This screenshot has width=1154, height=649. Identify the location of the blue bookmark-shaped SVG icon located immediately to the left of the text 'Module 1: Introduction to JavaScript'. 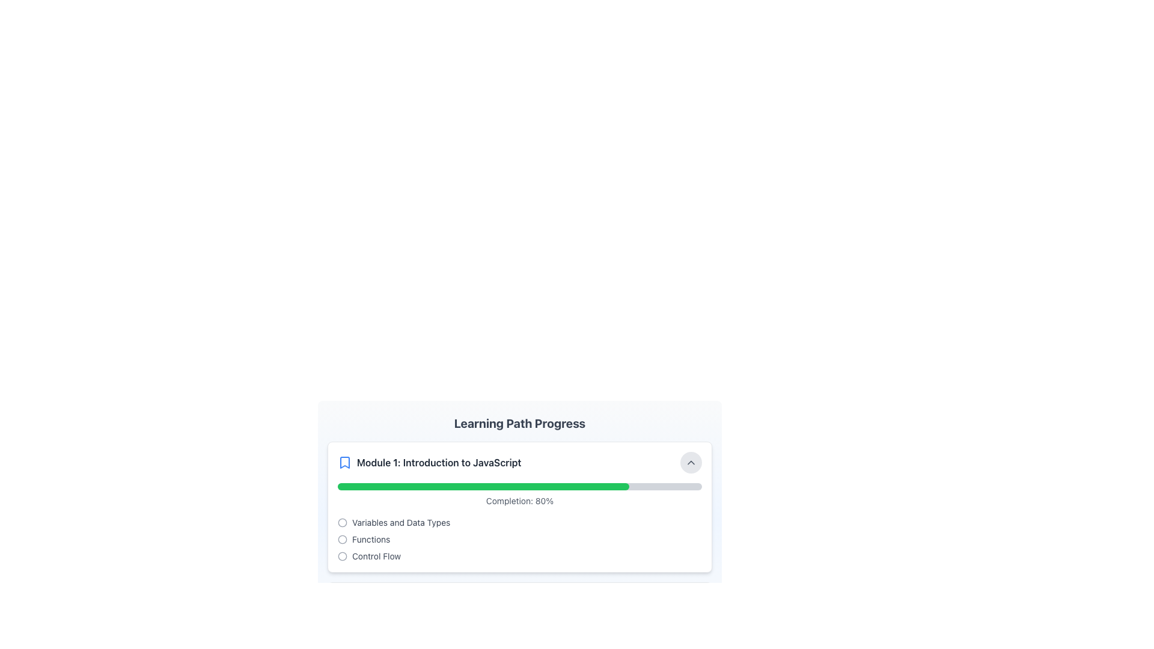
(344, 462).